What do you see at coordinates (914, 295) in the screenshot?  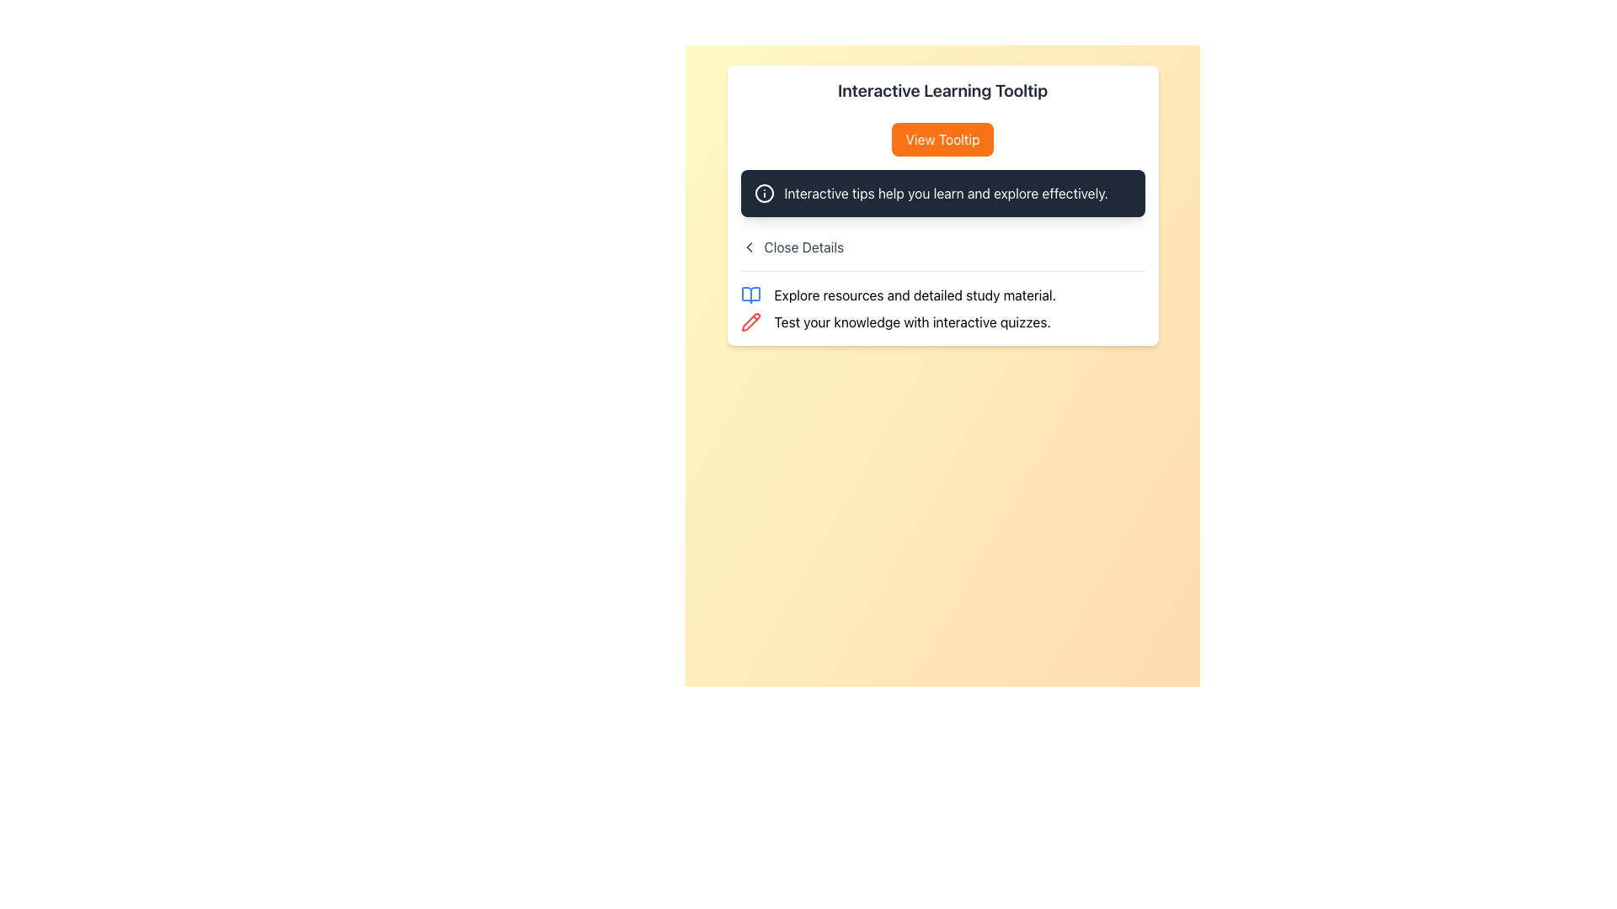 I see `text label that displays 'Explore resources and detailed study material.' located next to the open book icon under the 'Interactive Learning Tooltip' header` at bounding box center [914, 295].